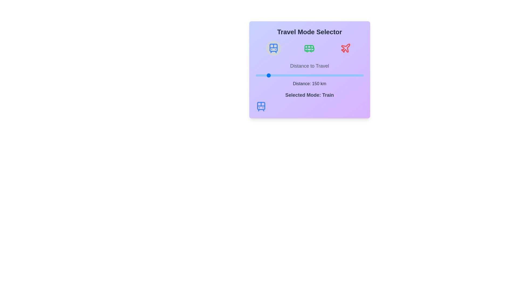 This screenshot has width=518, height=291. What do you see at coordinates (345, 48) in the screenshot?
I see `the icon to select the travel mode Plane` at bounding box center [345, 48].